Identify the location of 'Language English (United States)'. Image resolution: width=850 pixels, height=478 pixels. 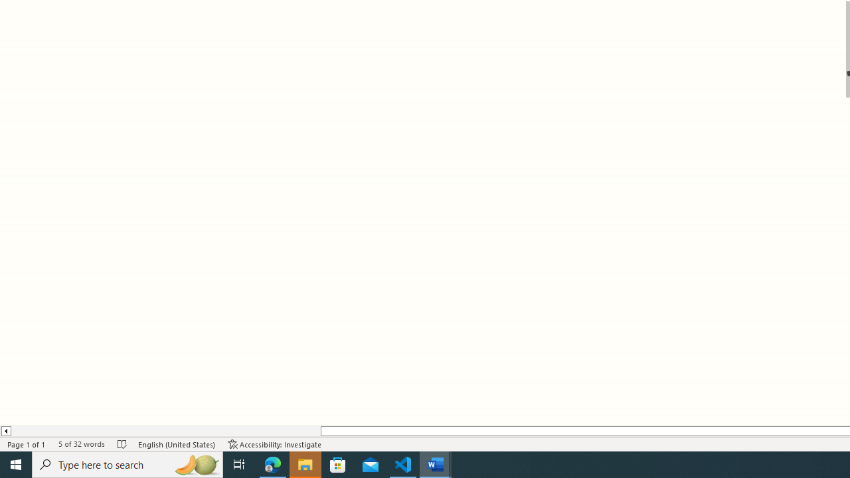
(176, 444).